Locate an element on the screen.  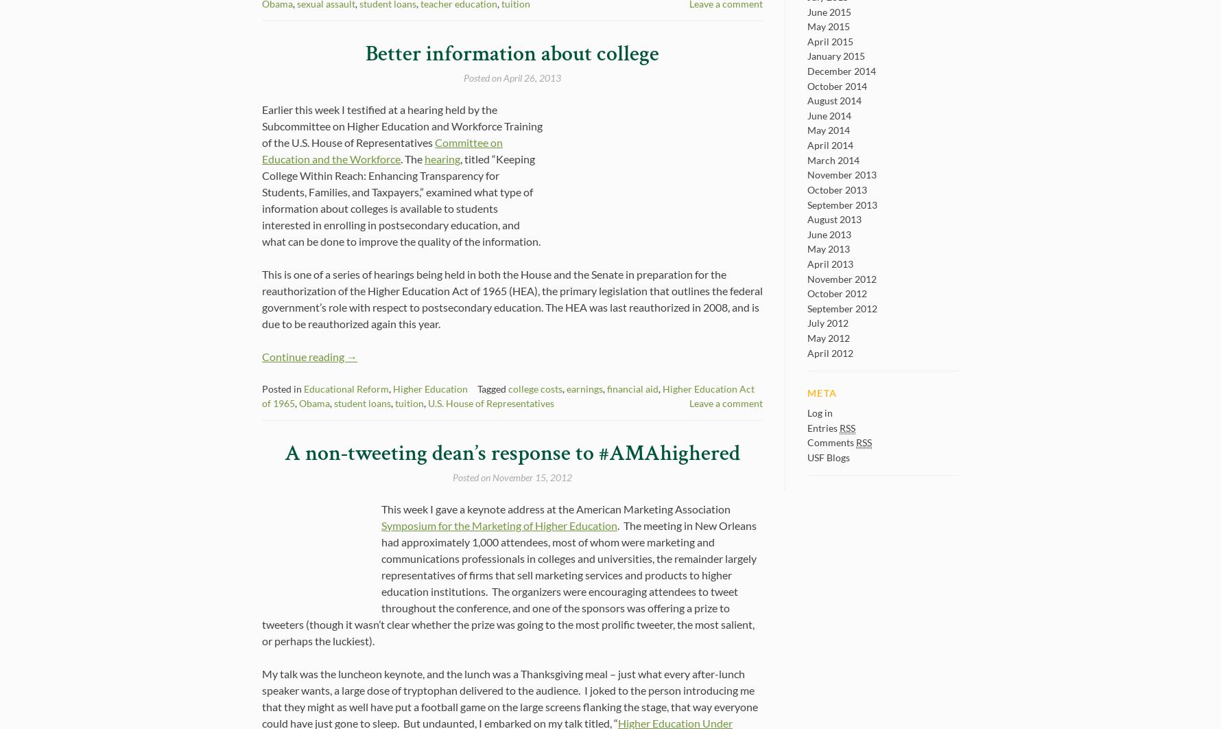
'Posted in' is located at coordinates (282, 389).